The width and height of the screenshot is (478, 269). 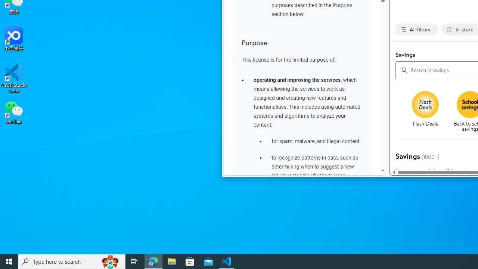 I want to click on 'All filters none applied, activate to change', so click(x=416, y=29).